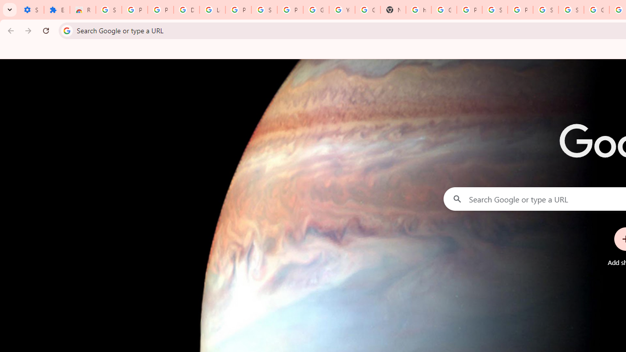 The height and width of the screenshot is (352, 626). Describe the element at coordinates (212, 10) in the screenshot. I see `'Learn how to find your photos - Google Photos Help'` at that location.